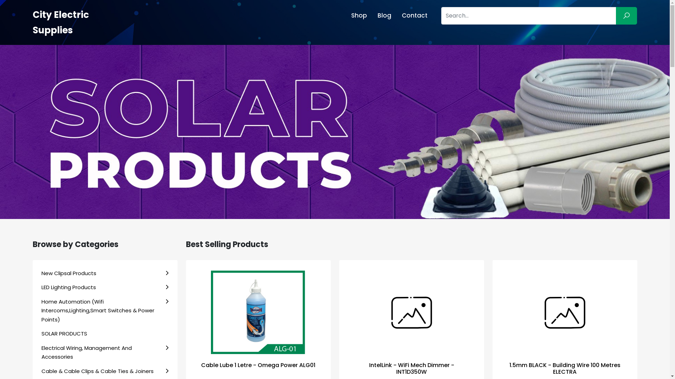 The height and width of the screenshot is (379, 675). Describe the element at coordinates (104, 371) in the screenshot. I see `'Cable & Cable Clips & Cable Ties & Joiners'` at that location.